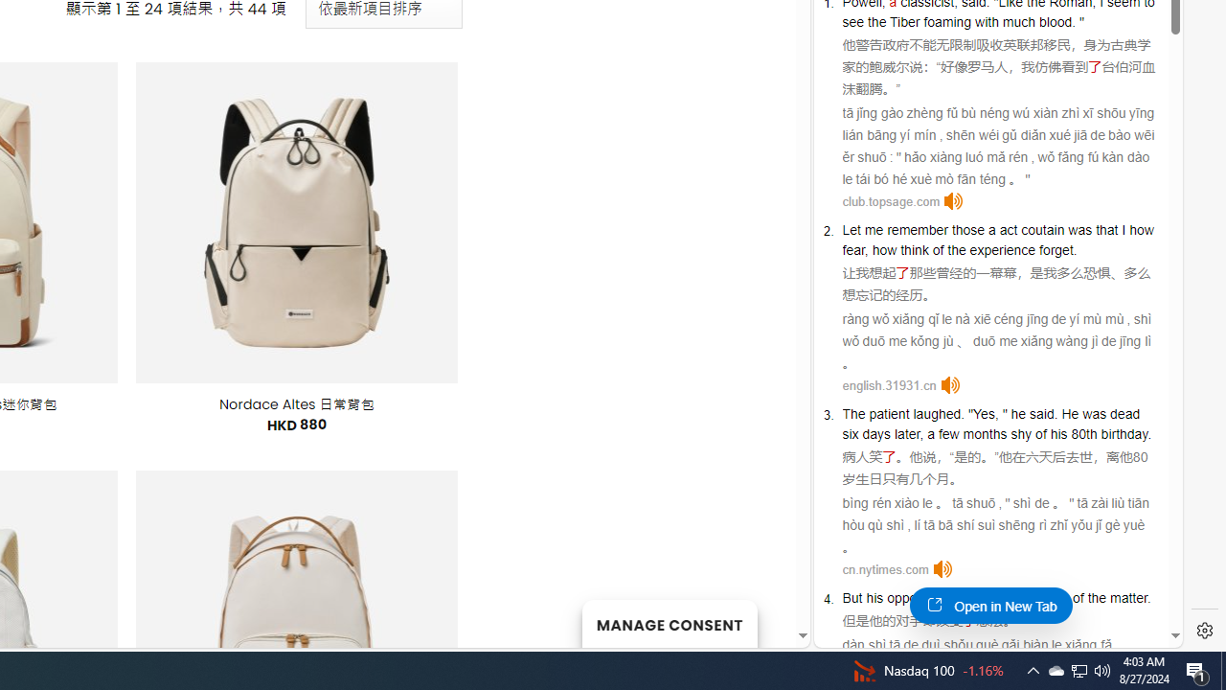 The height and width of the screenshot is (690, 1226). Describe the element at coordinates (906, 433) in the screenshot. I see `'later'` at that location.